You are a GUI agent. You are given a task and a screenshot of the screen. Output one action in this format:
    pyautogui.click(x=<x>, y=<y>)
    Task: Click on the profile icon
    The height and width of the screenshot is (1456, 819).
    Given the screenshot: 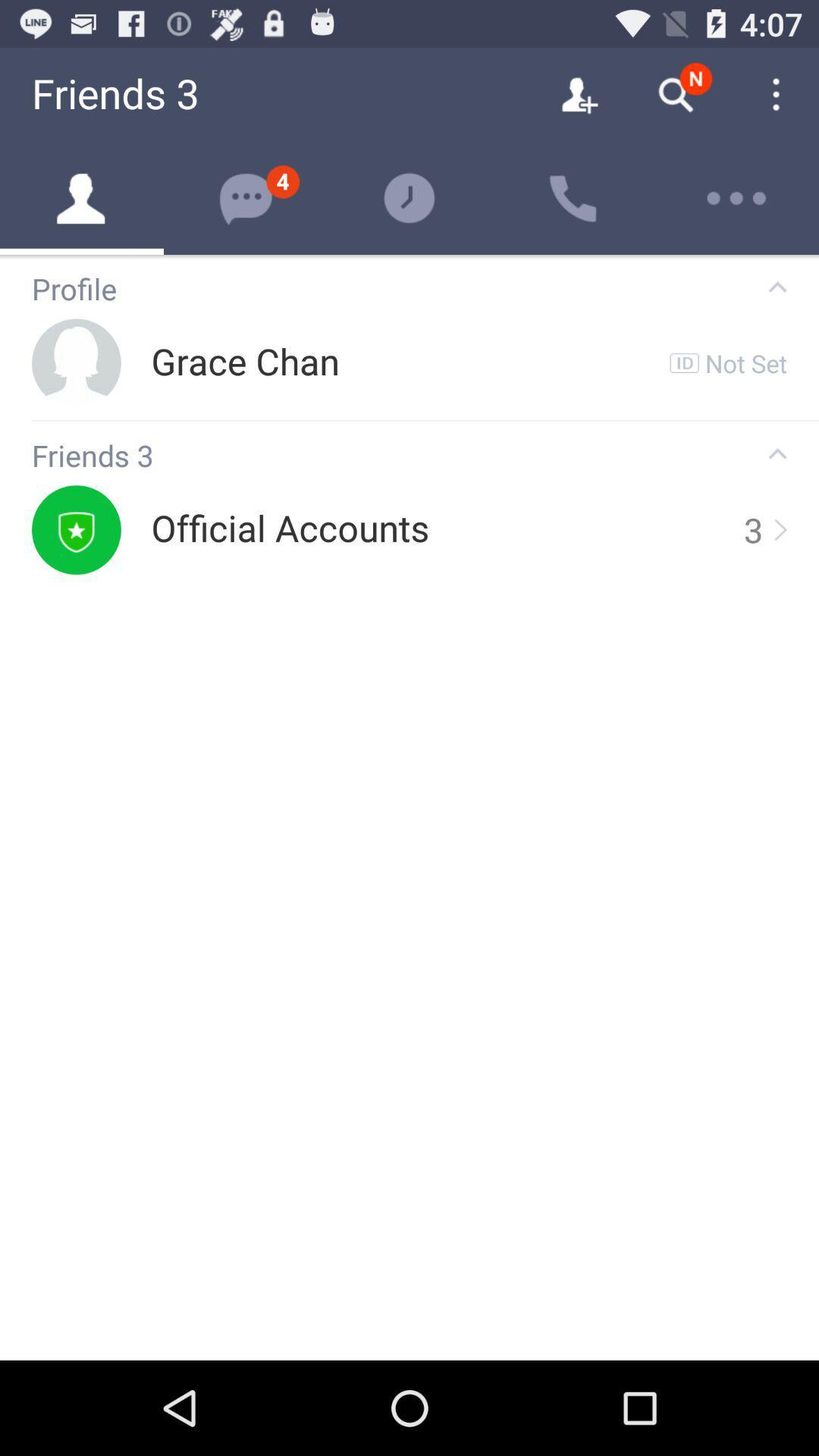 What is the action you would take?
    pyautogui.click(x=384, y=290)
    